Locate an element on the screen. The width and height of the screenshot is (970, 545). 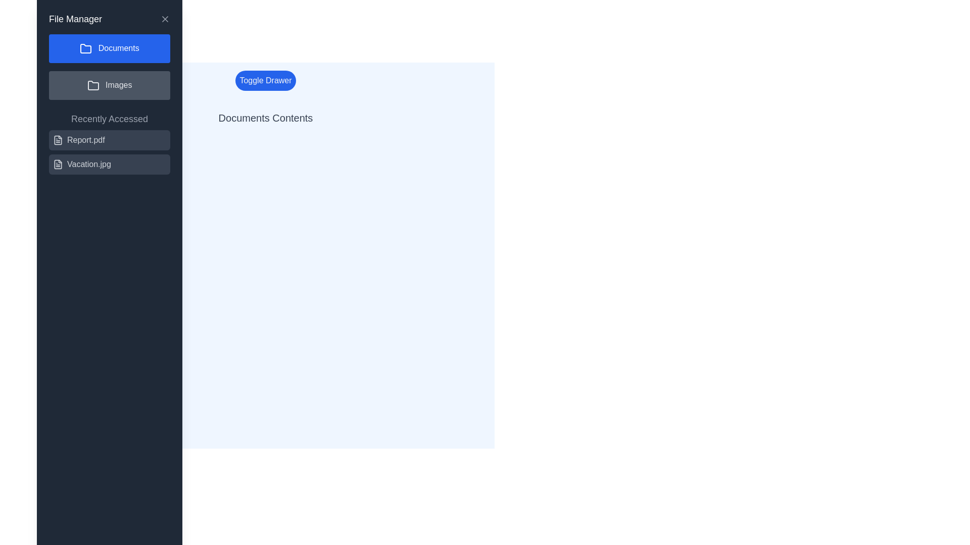
the 'Documents Contents' label, which is styled with a large gray font and is located prominently in the center-right of the interface section, aligned horizontally to the right of the 'Recently Accessed' label is located at coordinates (266, 118).